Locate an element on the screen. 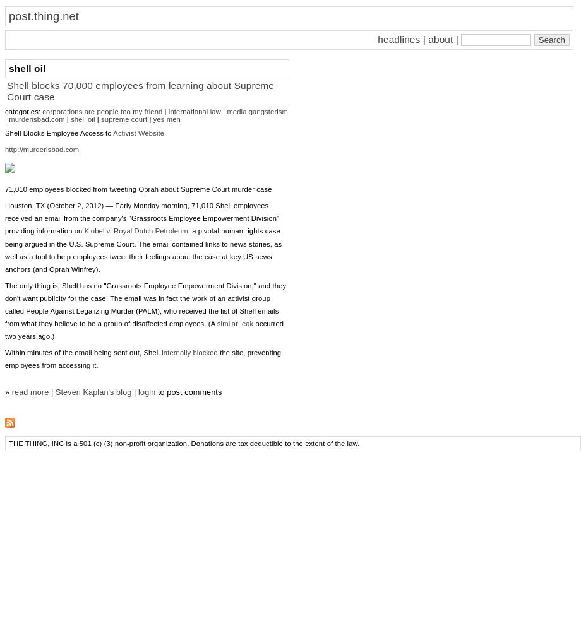 The height and width of the screenshot is (631, 581). 'Shell Blocks Employee Access to' is located at coordinates (59, 133).